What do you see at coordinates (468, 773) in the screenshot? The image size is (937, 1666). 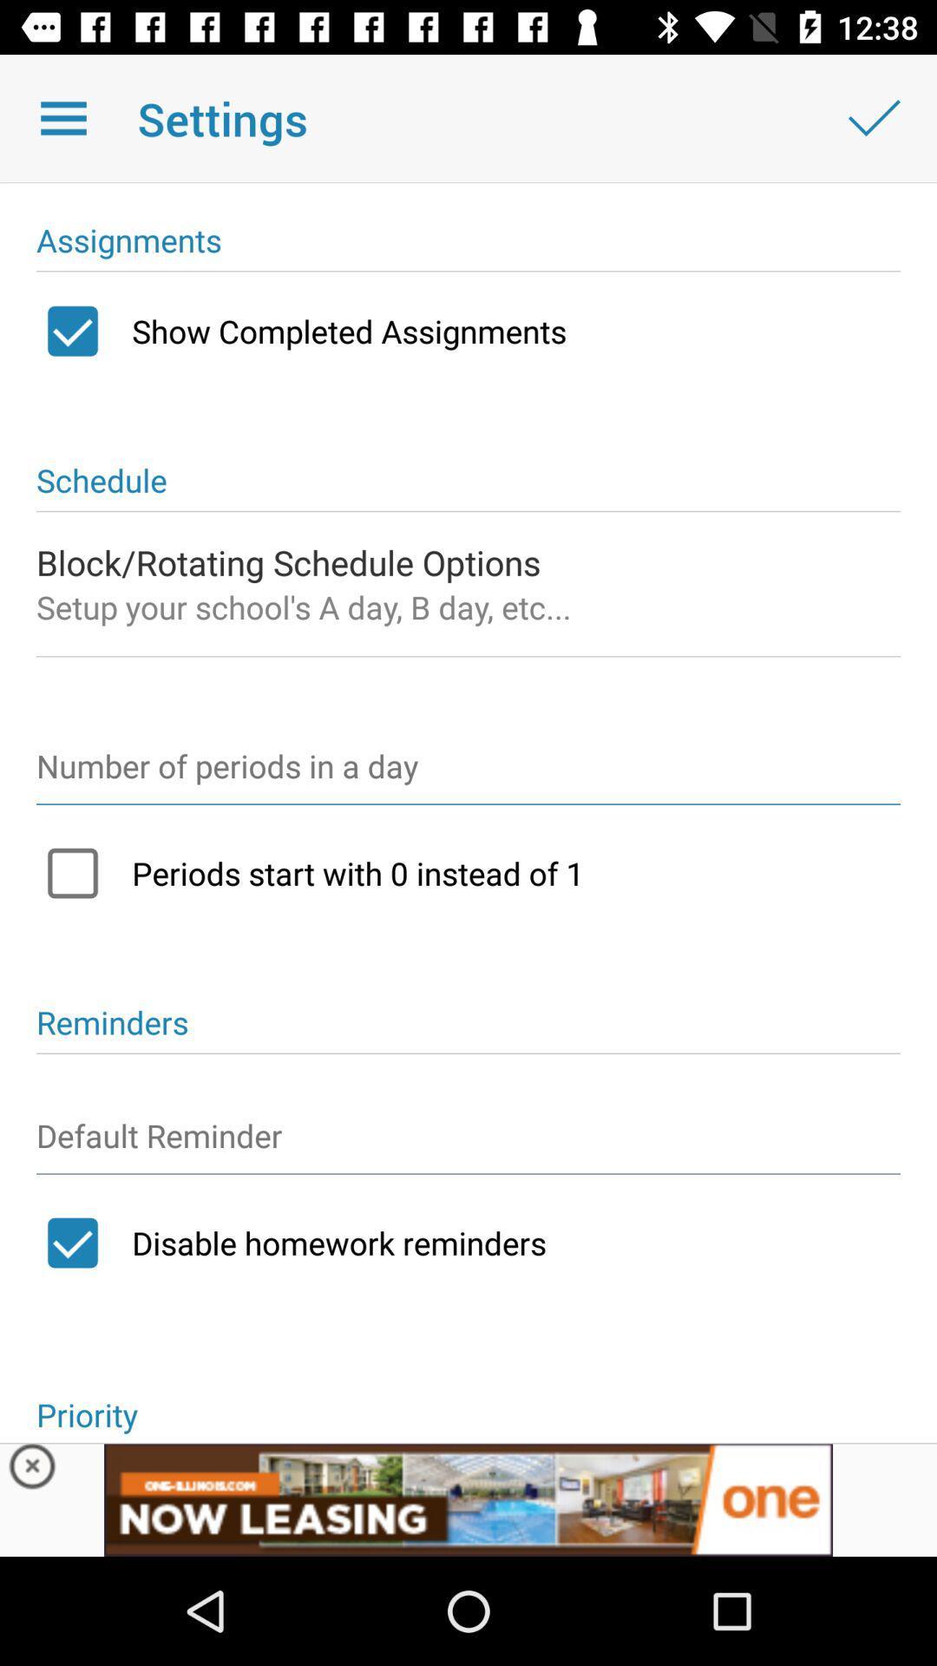 I see `number of periods in a day` at bounding box center [468, 773].